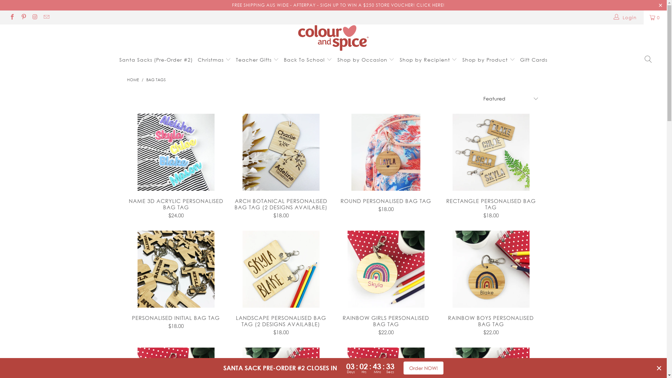  Describe the element at coordinates (403, 367) in the screenshot. I see `'Order NOW!'` at that location.